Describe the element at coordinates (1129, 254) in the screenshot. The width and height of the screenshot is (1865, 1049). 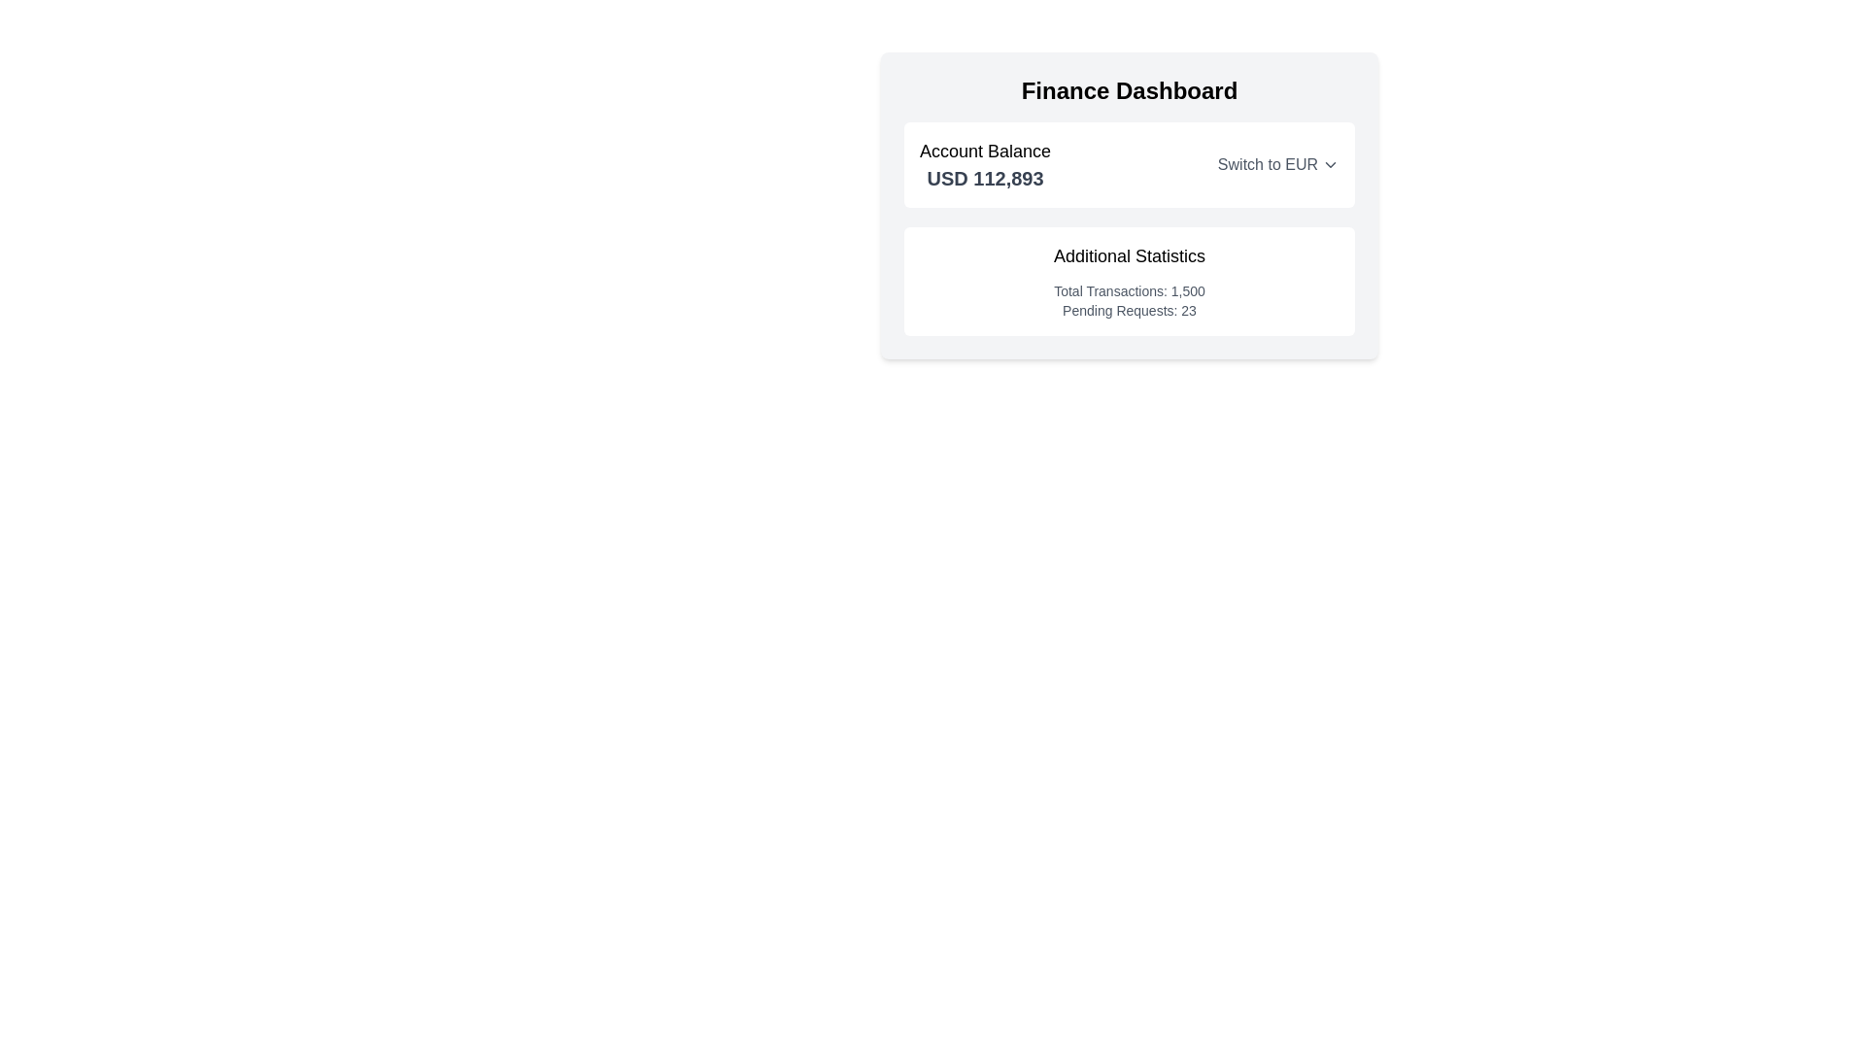
I see `the 'Additional Statistics' text label which identifies the section of information below it` at that location.